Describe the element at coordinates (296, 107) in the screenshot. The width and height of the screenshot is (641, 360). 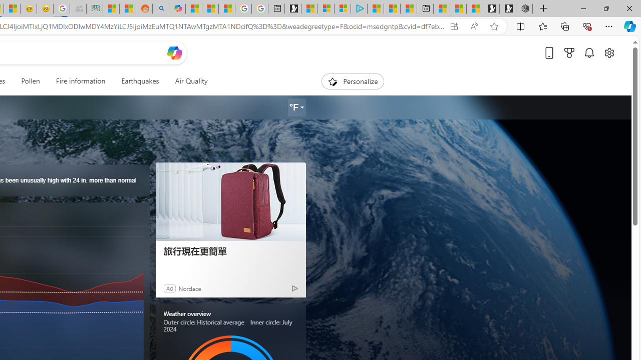
I see `'Weather settings'` at that location.